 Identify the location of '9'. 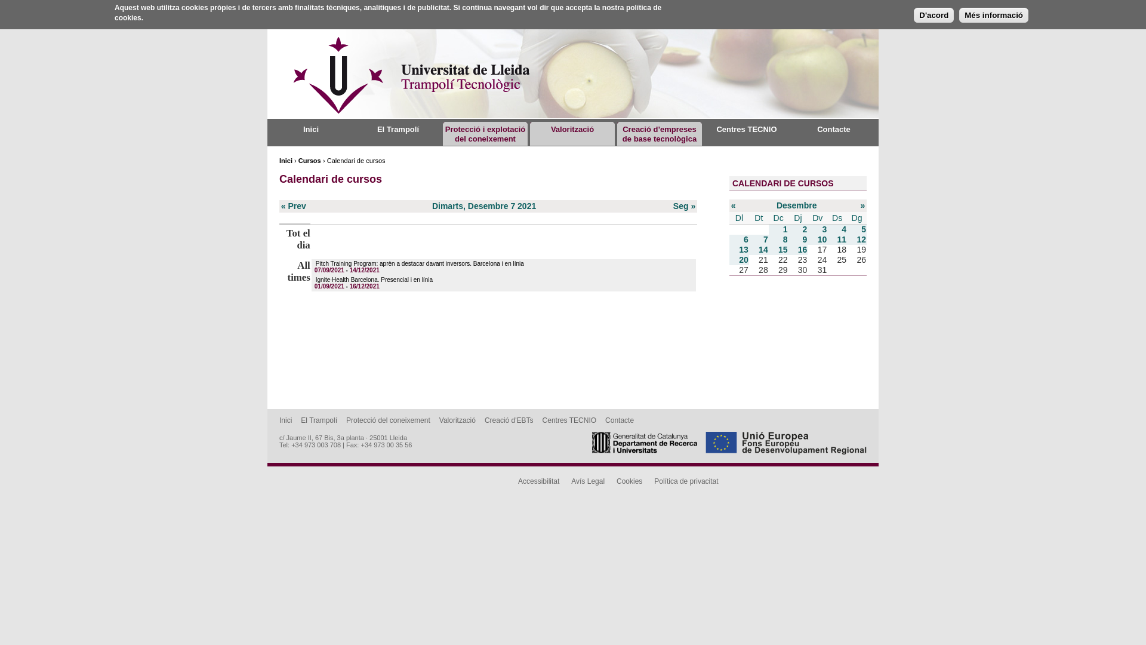
(805, 239).